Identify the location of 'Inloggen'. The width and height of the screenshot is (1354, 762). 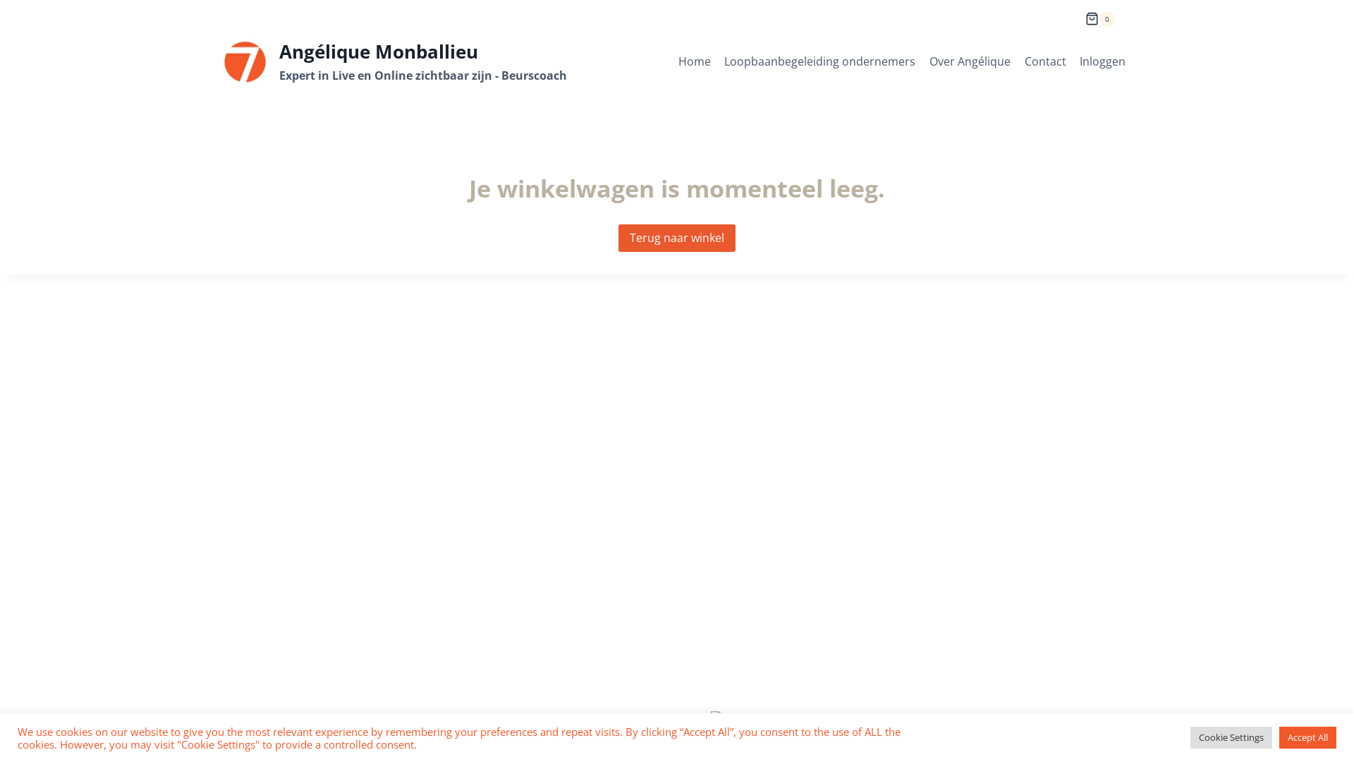
(1102, 61).